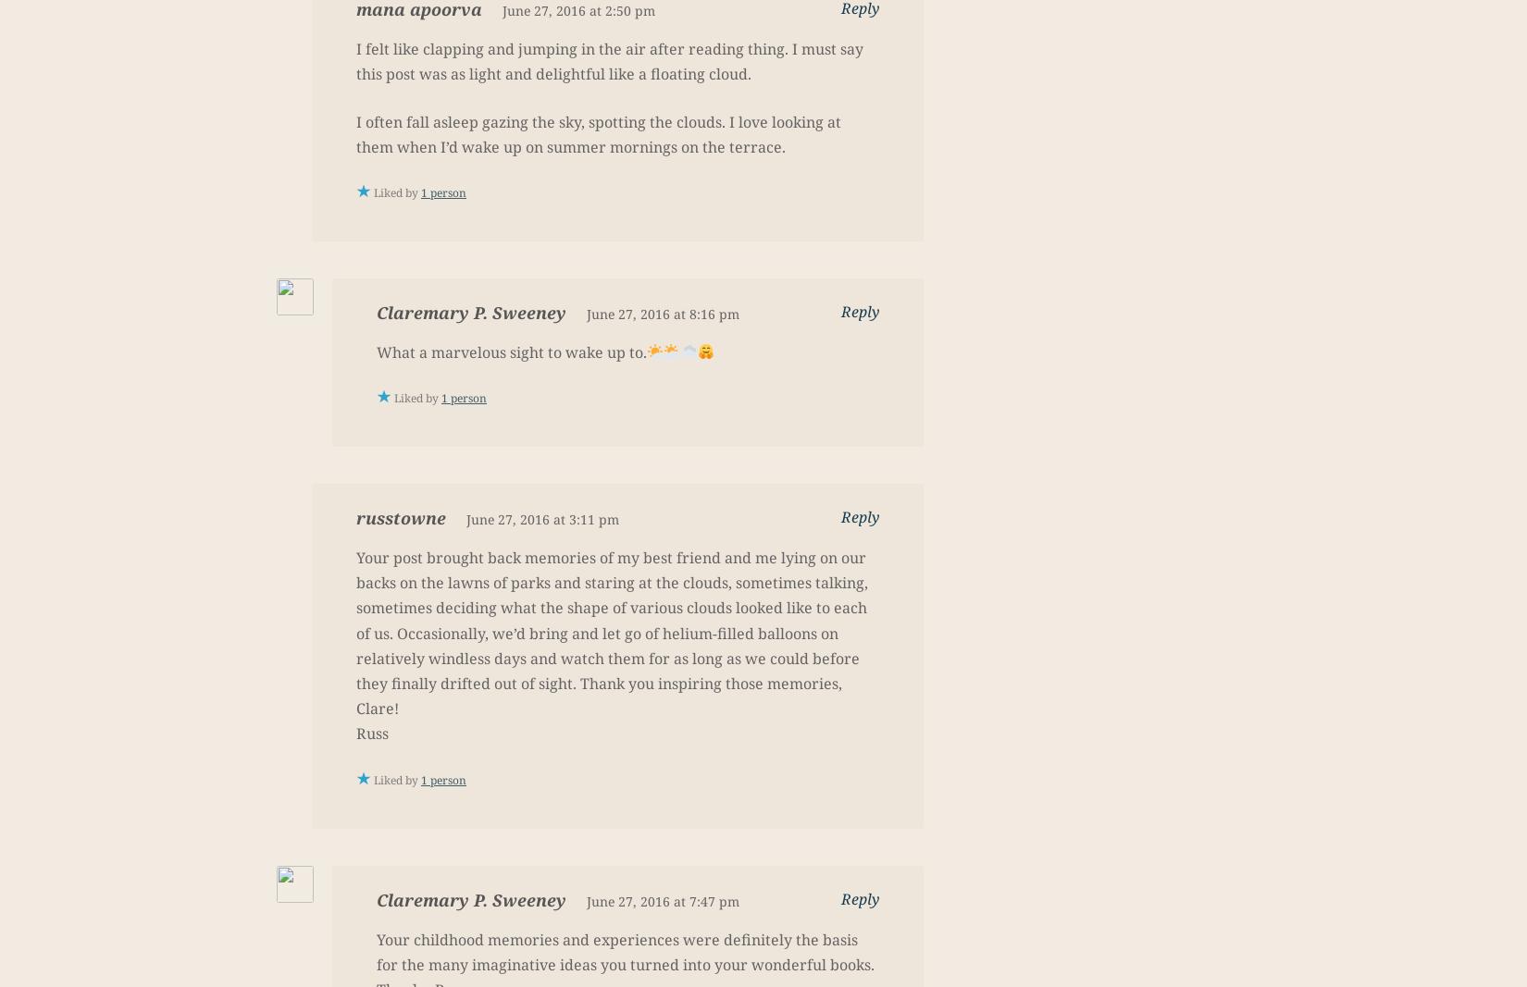 The height and width of the screenshot is (987, 1527). I want to click on 'russtowne', so click(400, 517).